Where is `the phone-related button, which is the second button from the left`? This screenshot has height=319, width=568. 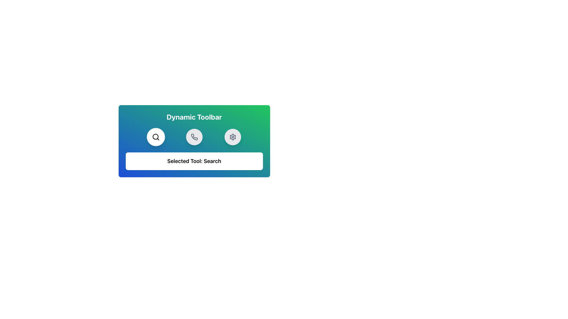
the phone-related button, which is the second button from the left is located at coordinates (194, 137).